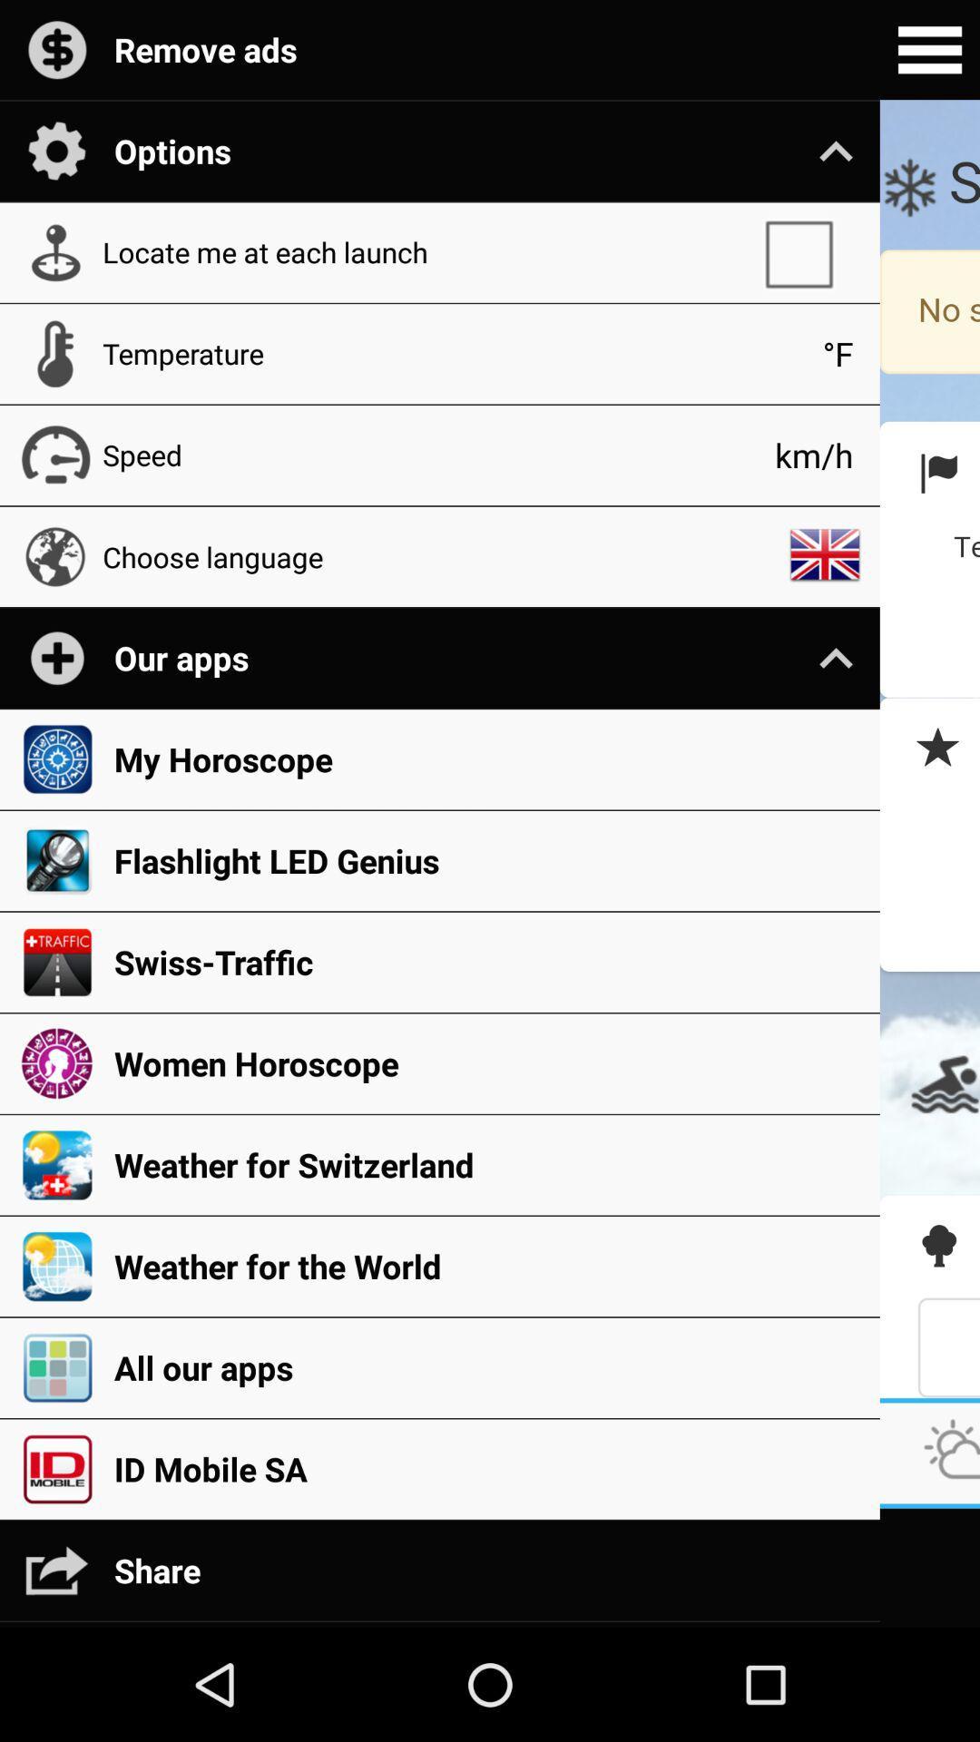  Describe the element at coordinates (486, 1570) in the screenshot. I see `the share app` at that location.